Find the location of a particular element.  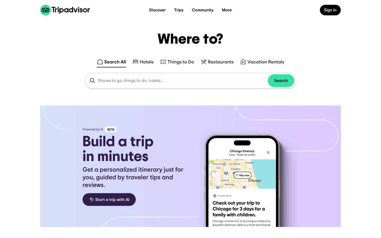

the button on the upper right to access the login page is located at coordinates (330, 7).